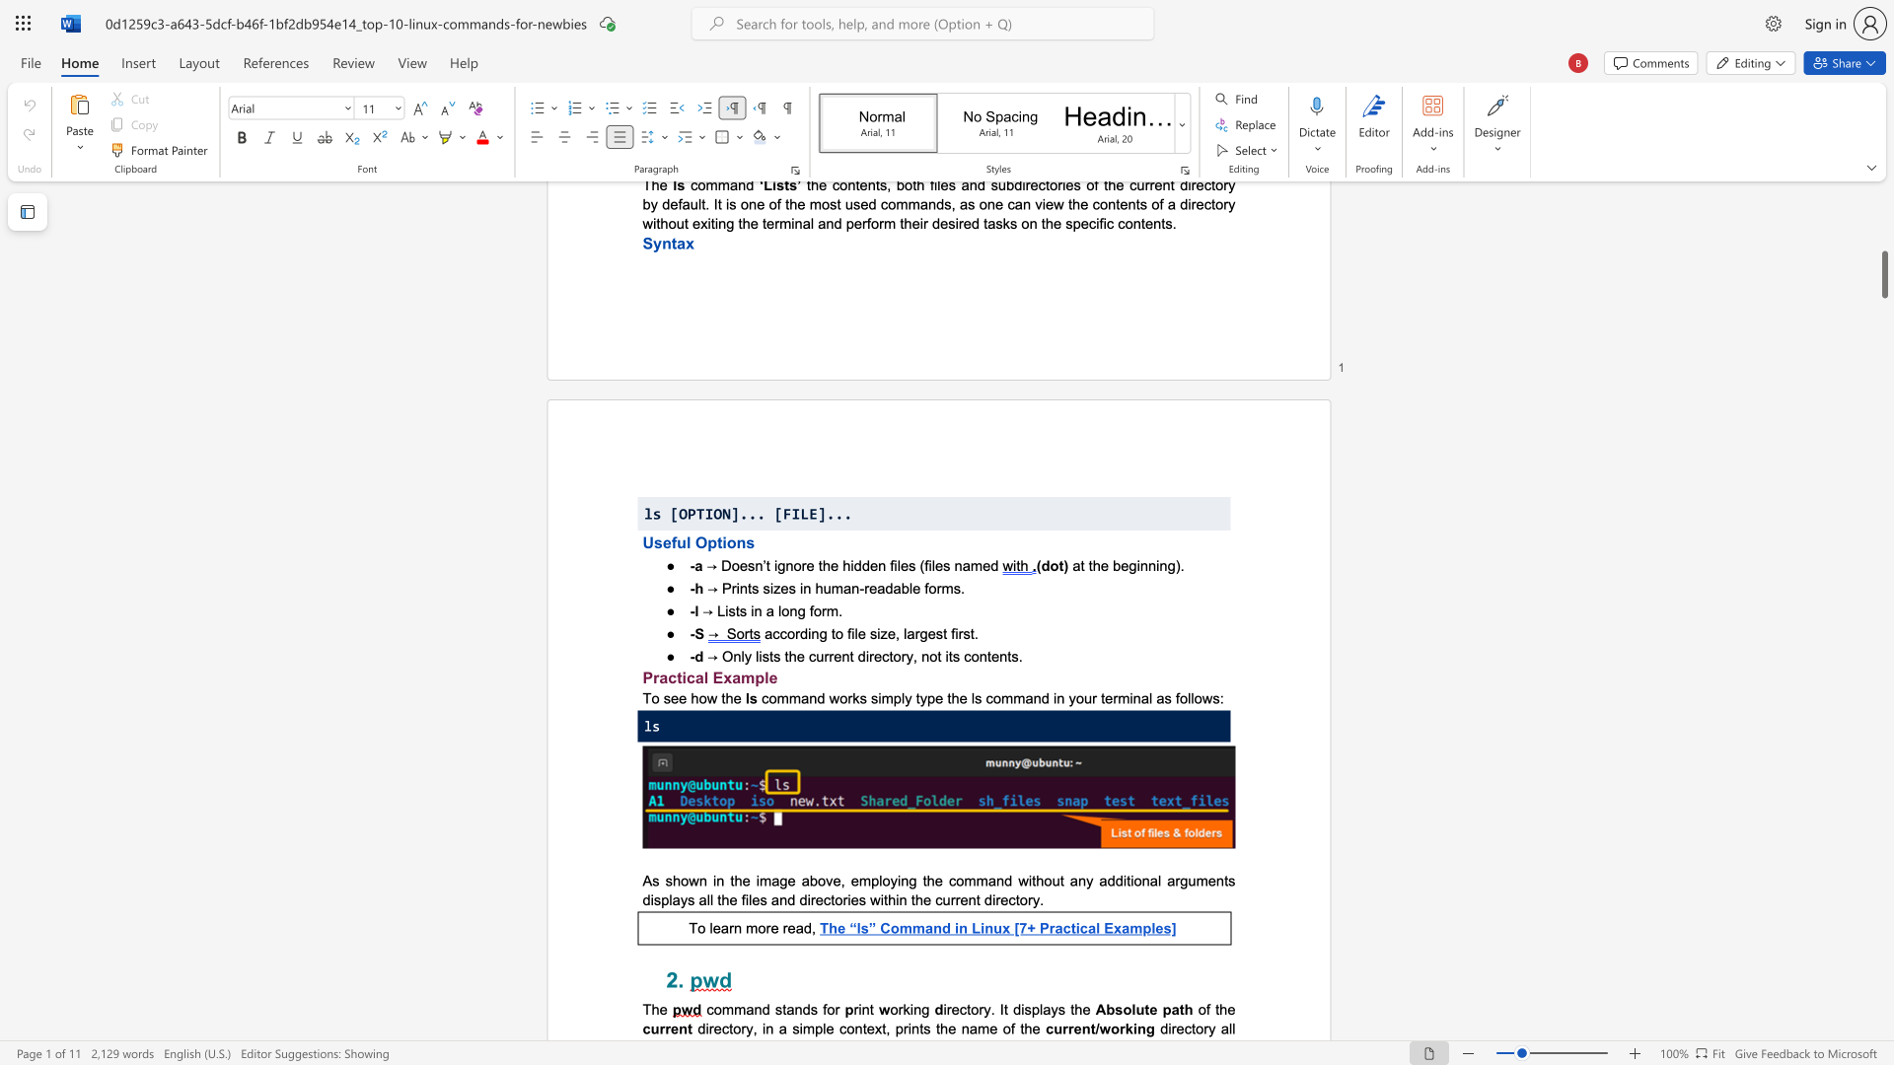 The width and height of the screenshot is (1894, 1065). I want to click on the subset text "es" within the text "The “ls” Command in Linux [7+ Practical Examples]", so click(1155, 928).